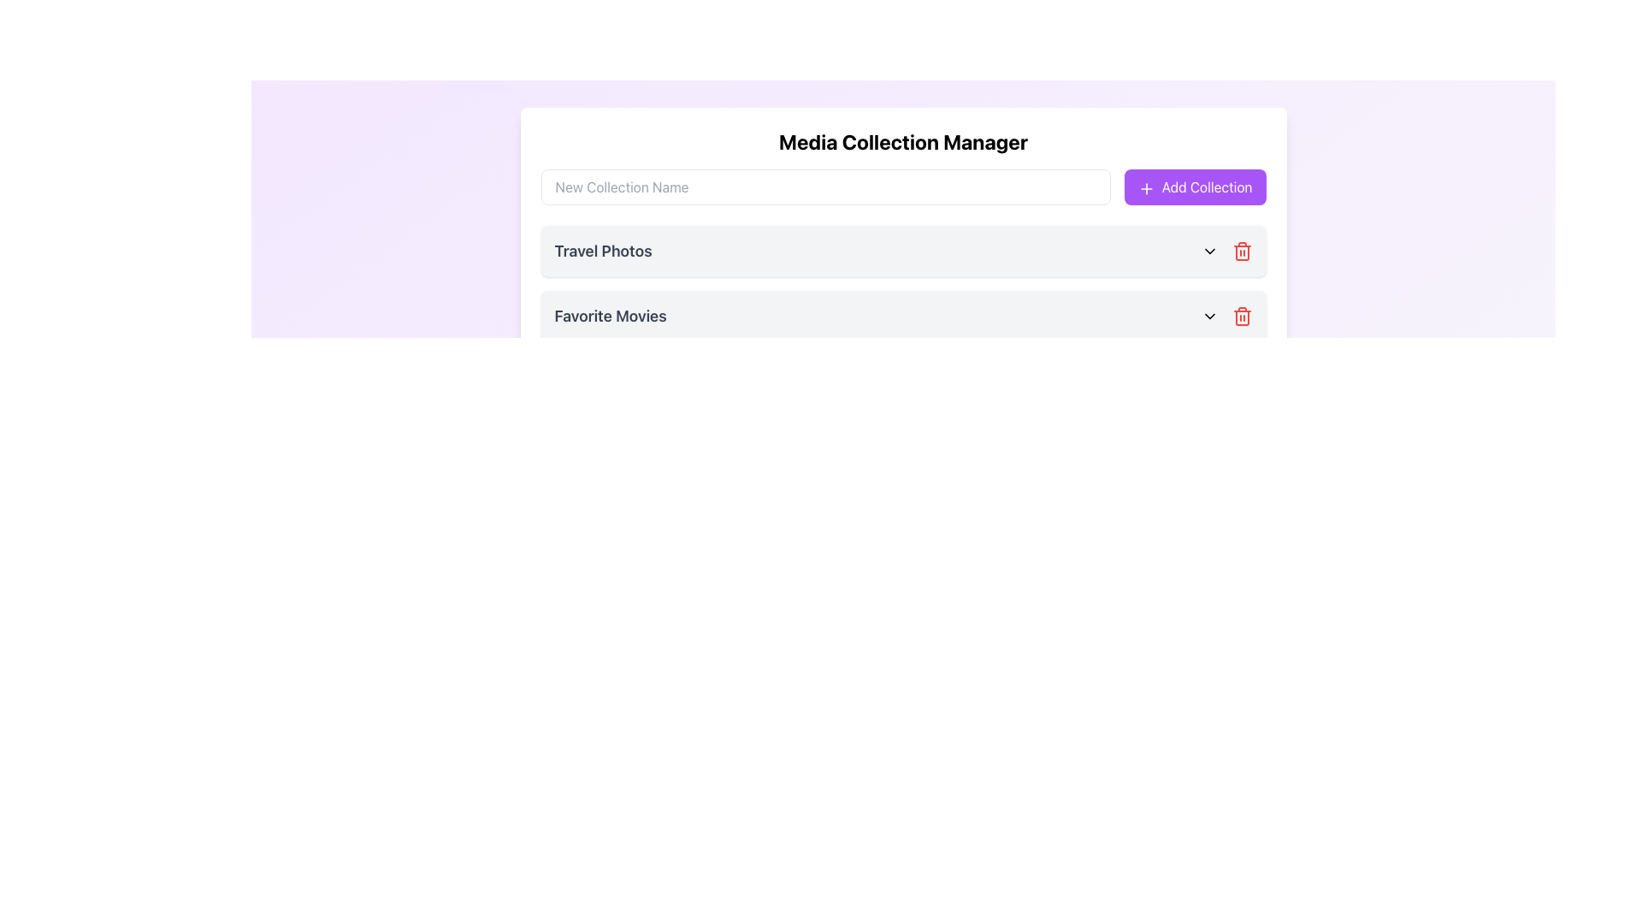 Image resolution: width=1642 pixels, height=924 pixels. Describe the element at coordinates (902, 251) in the screenshot. I see `the first card labeled 'Travel Photos' in the 'Media Collection Manager' section` at that location.